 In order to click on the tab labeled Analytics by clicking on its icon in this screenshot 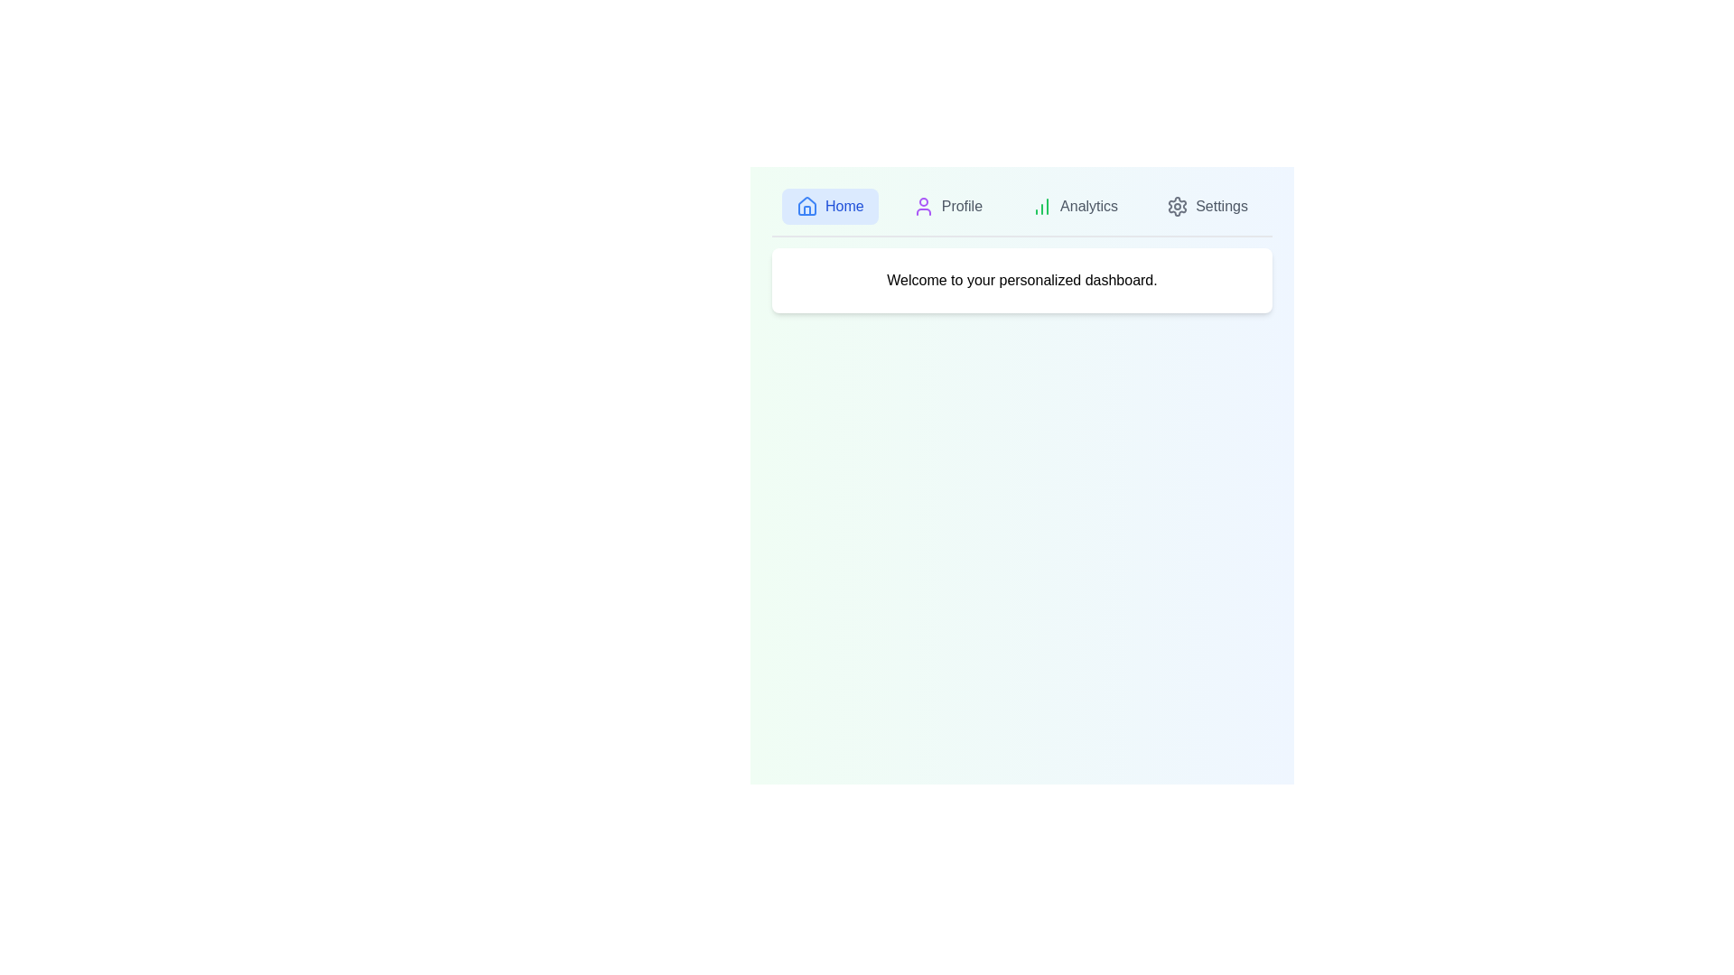, I will do `click(1075, 205)`.